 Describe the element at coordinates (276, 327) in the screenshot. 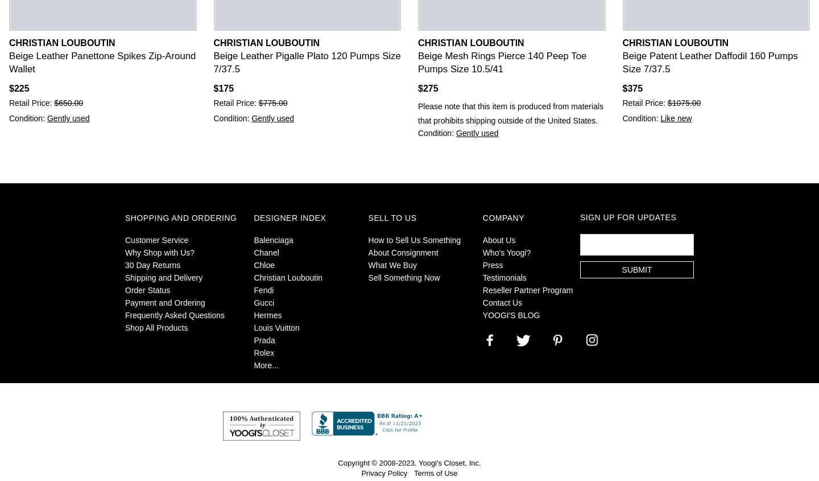

I see `'Louis Vuitton'` at that location.